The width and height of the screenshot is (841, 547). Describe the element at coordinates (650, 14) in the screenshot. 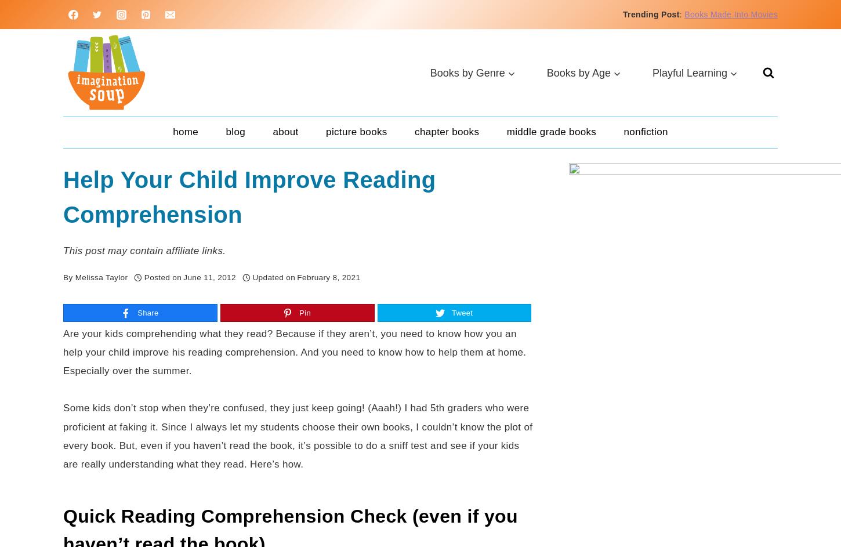

I see `'Trending Post'` at that location.